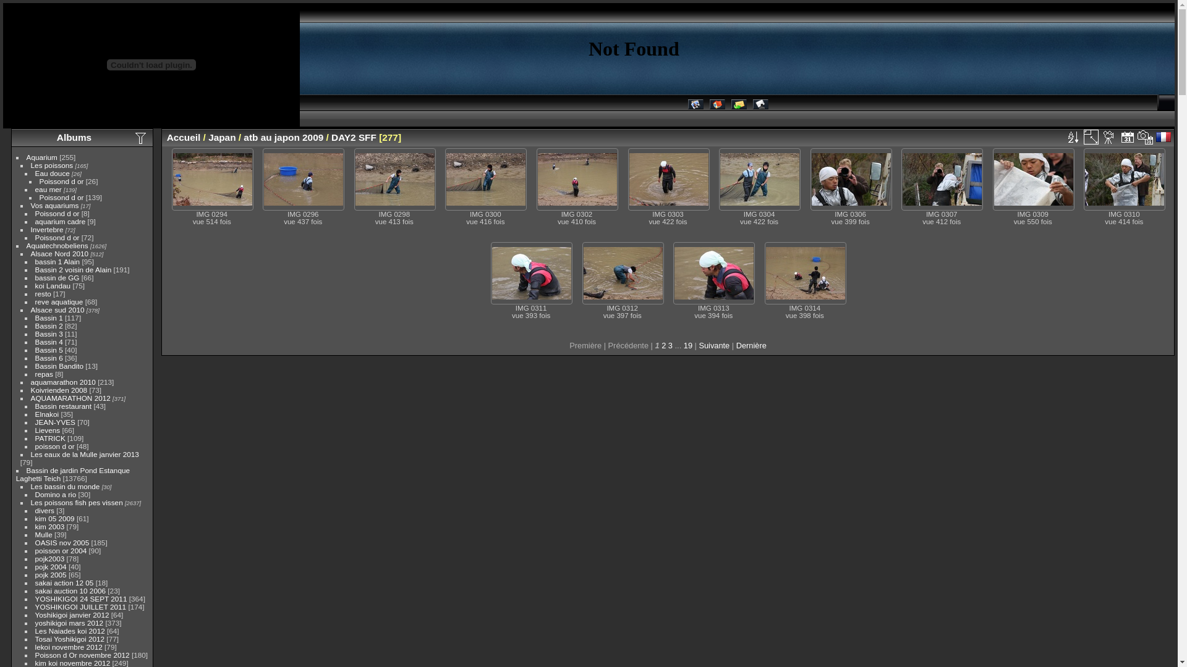 The width and height of the screenshot is (1187, 667). I want to click on ' ', so click(1128, 137).